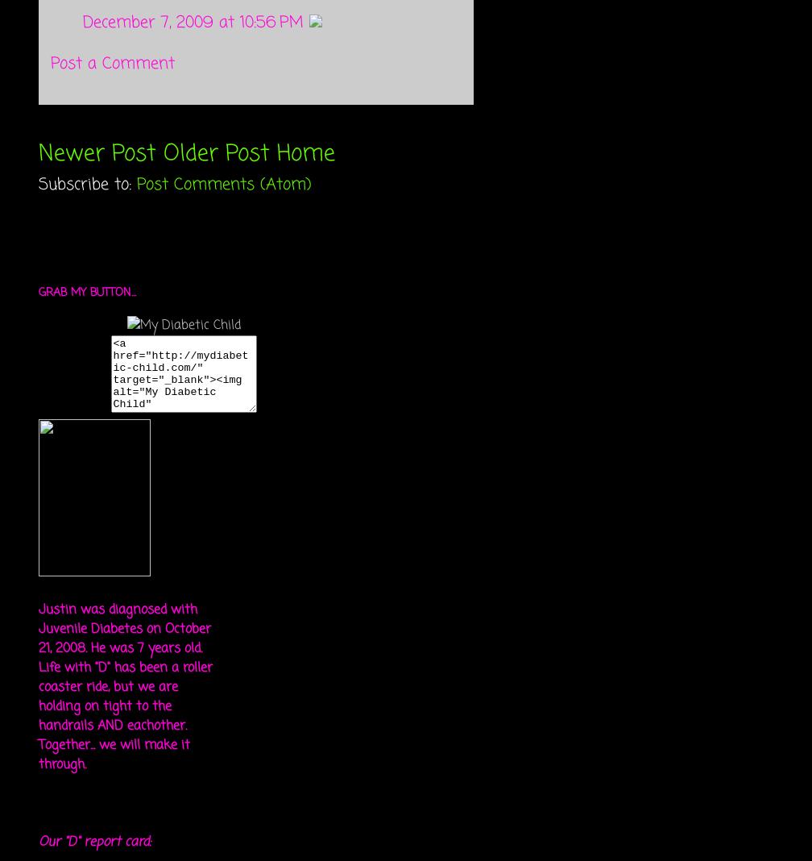  What do you see at coordinates (87, 184) in the screenshot?
I see `'Subscribe to:'` at bounding box center [87, 184].